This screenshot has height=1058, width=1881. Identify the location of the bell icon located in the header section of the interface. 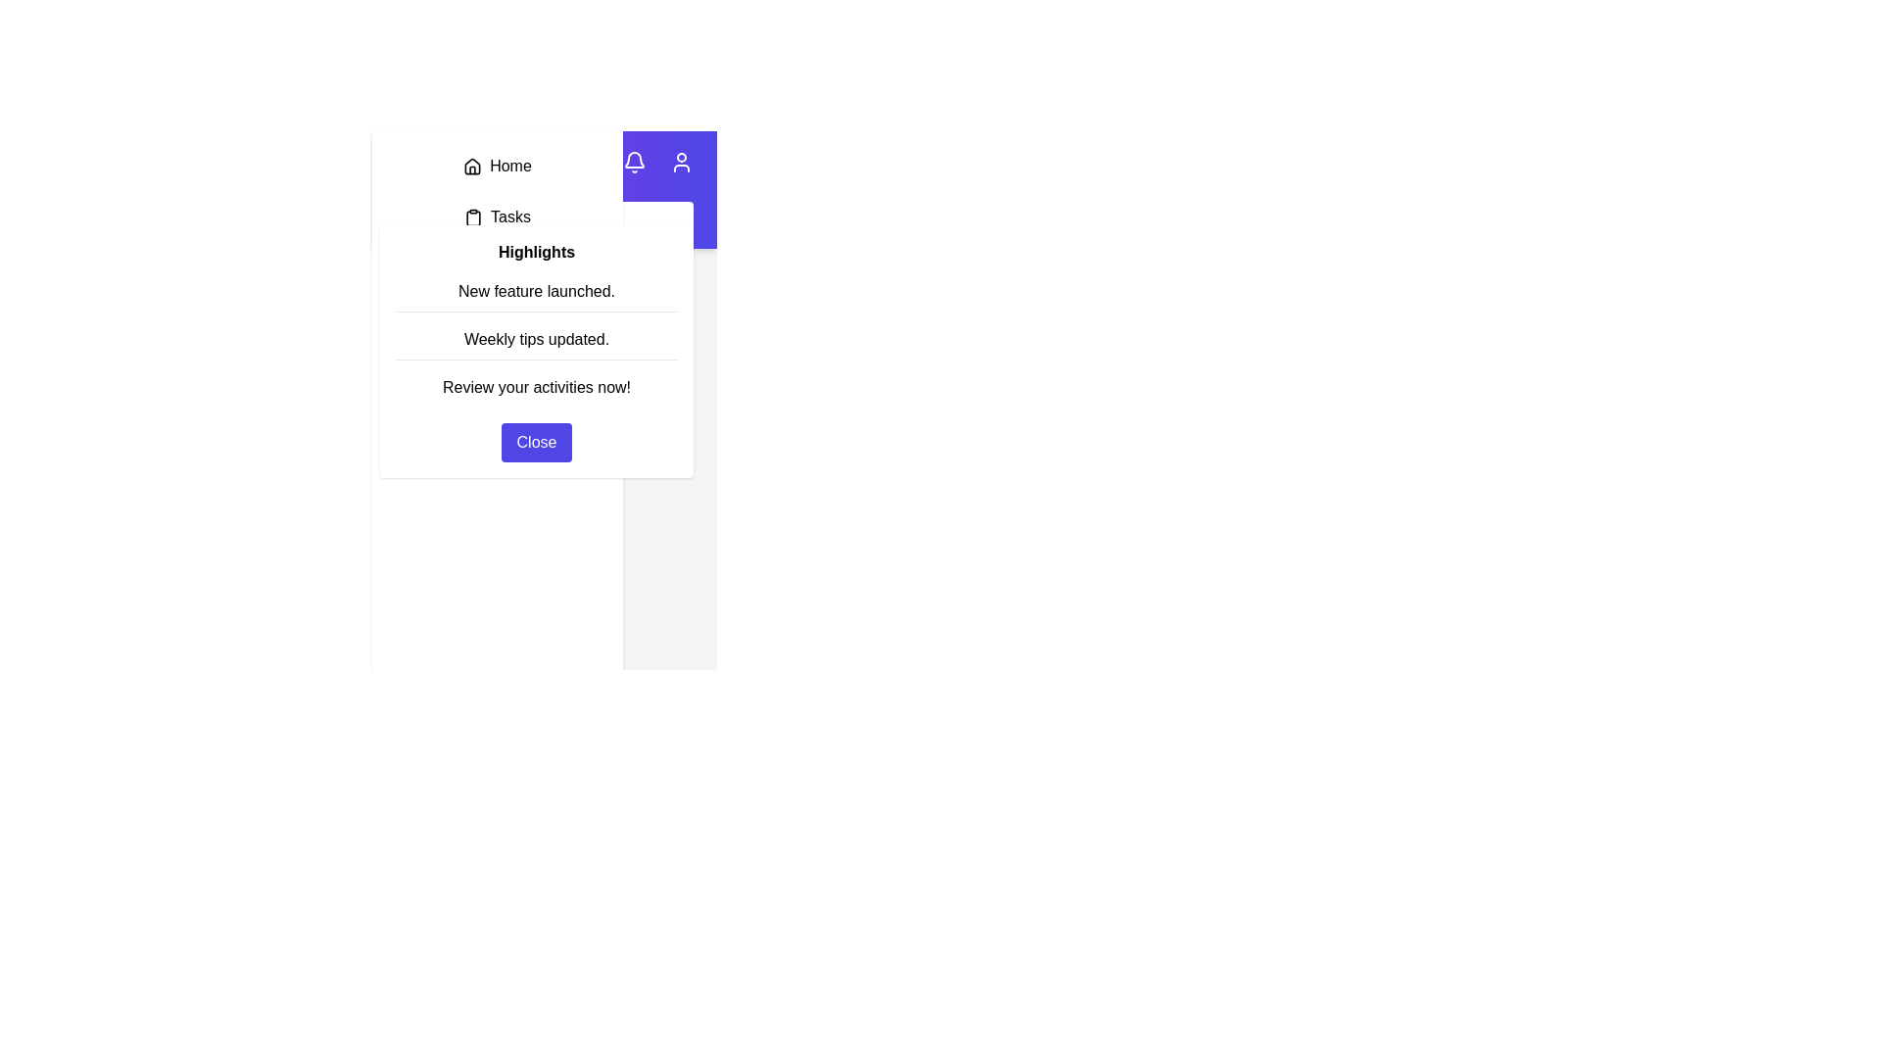
(635, 161).